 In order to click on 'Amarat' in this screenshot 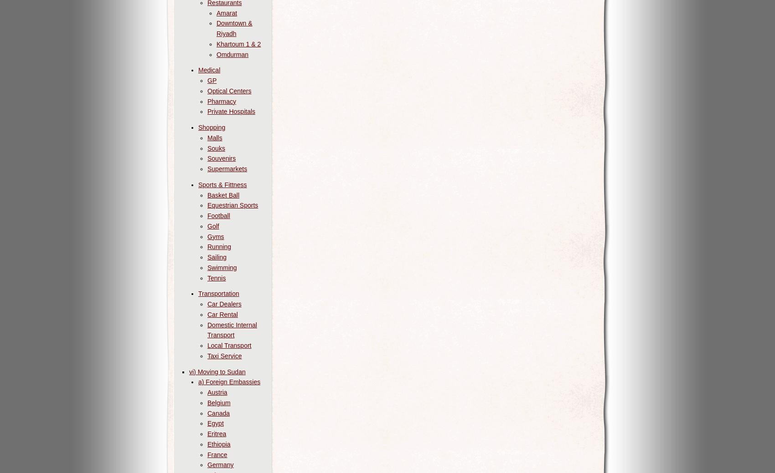, I will do `click(227, 12)`.